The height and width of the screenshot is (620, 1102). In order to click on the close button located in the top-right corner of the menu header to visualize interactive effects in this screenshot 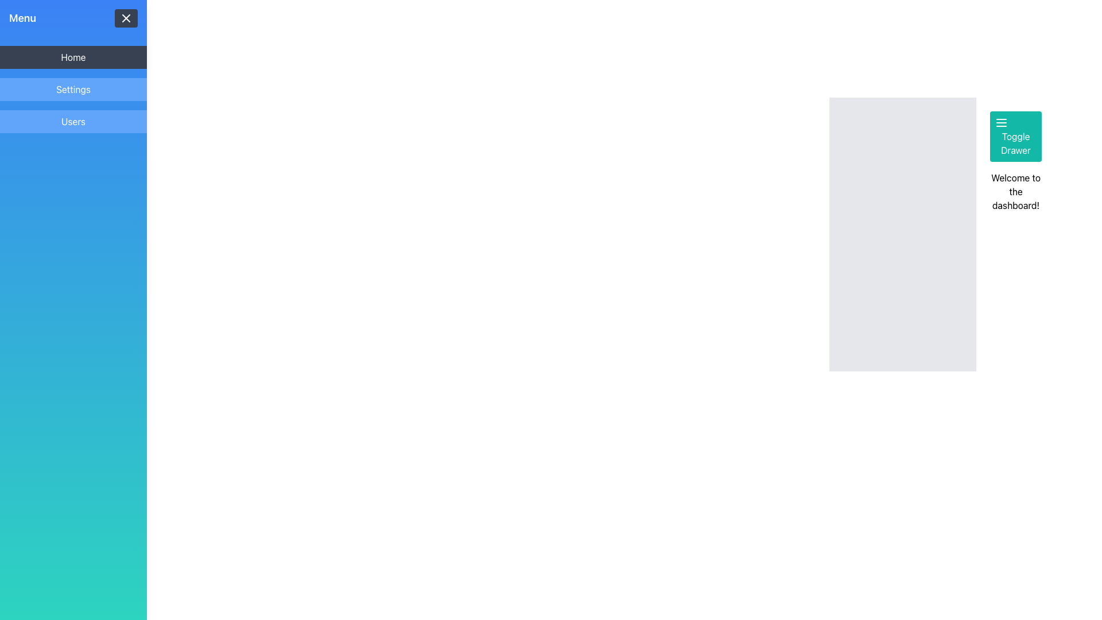, I will do `click(126, 18)`.